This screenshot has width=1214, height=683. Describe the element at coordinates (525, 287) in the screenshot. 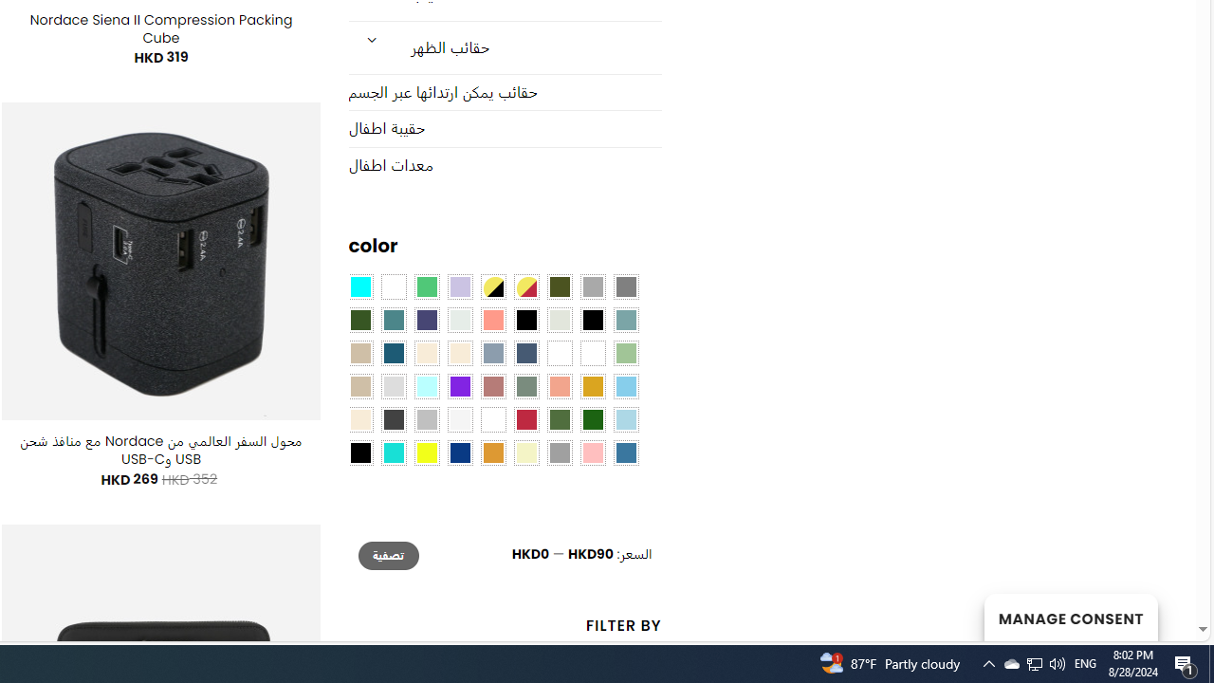

I see `'Yellow-Red'` at that location.